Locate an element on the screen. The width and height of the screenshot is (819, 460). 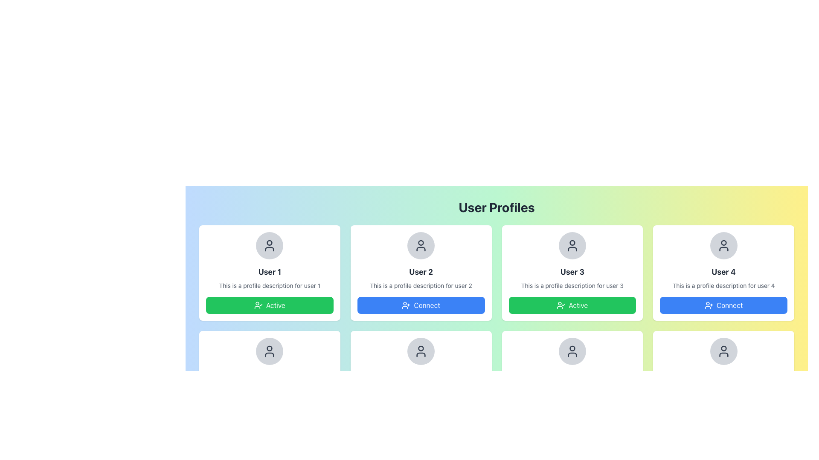
the text element that reads 'This is a profile description for user 2', which is styled in small gray font and located within the card for 'User 2', positioned beneath the name and above the 'Connect' button is located at coordinates (421, 286).